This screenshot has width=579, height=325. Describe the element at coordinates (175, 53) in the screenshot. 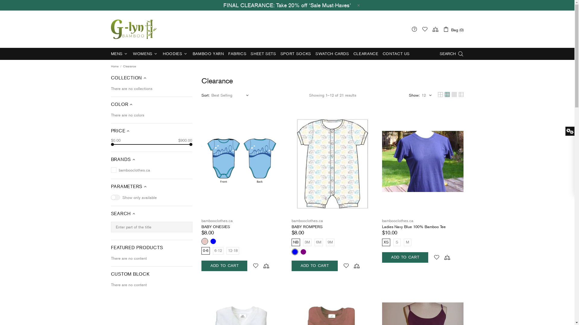

I see `'HOODIES'` at that location.